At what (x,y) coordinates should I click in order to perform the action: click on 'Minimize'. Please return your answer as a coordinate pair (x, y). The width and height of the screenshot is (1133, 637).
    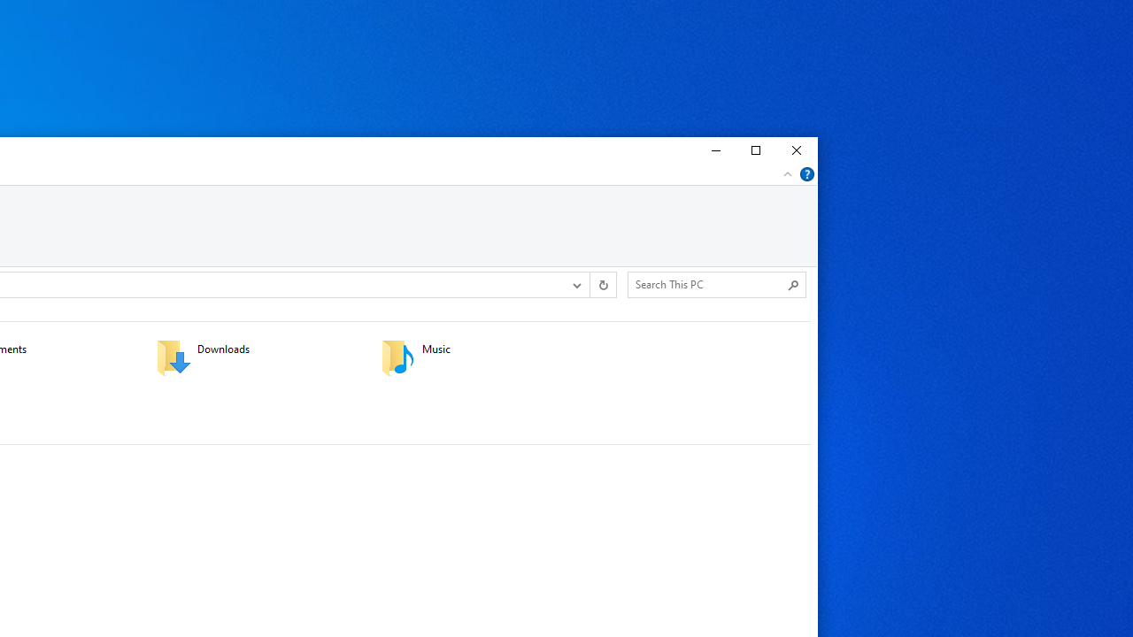
    Looking at the image, I should click on (714, 150).